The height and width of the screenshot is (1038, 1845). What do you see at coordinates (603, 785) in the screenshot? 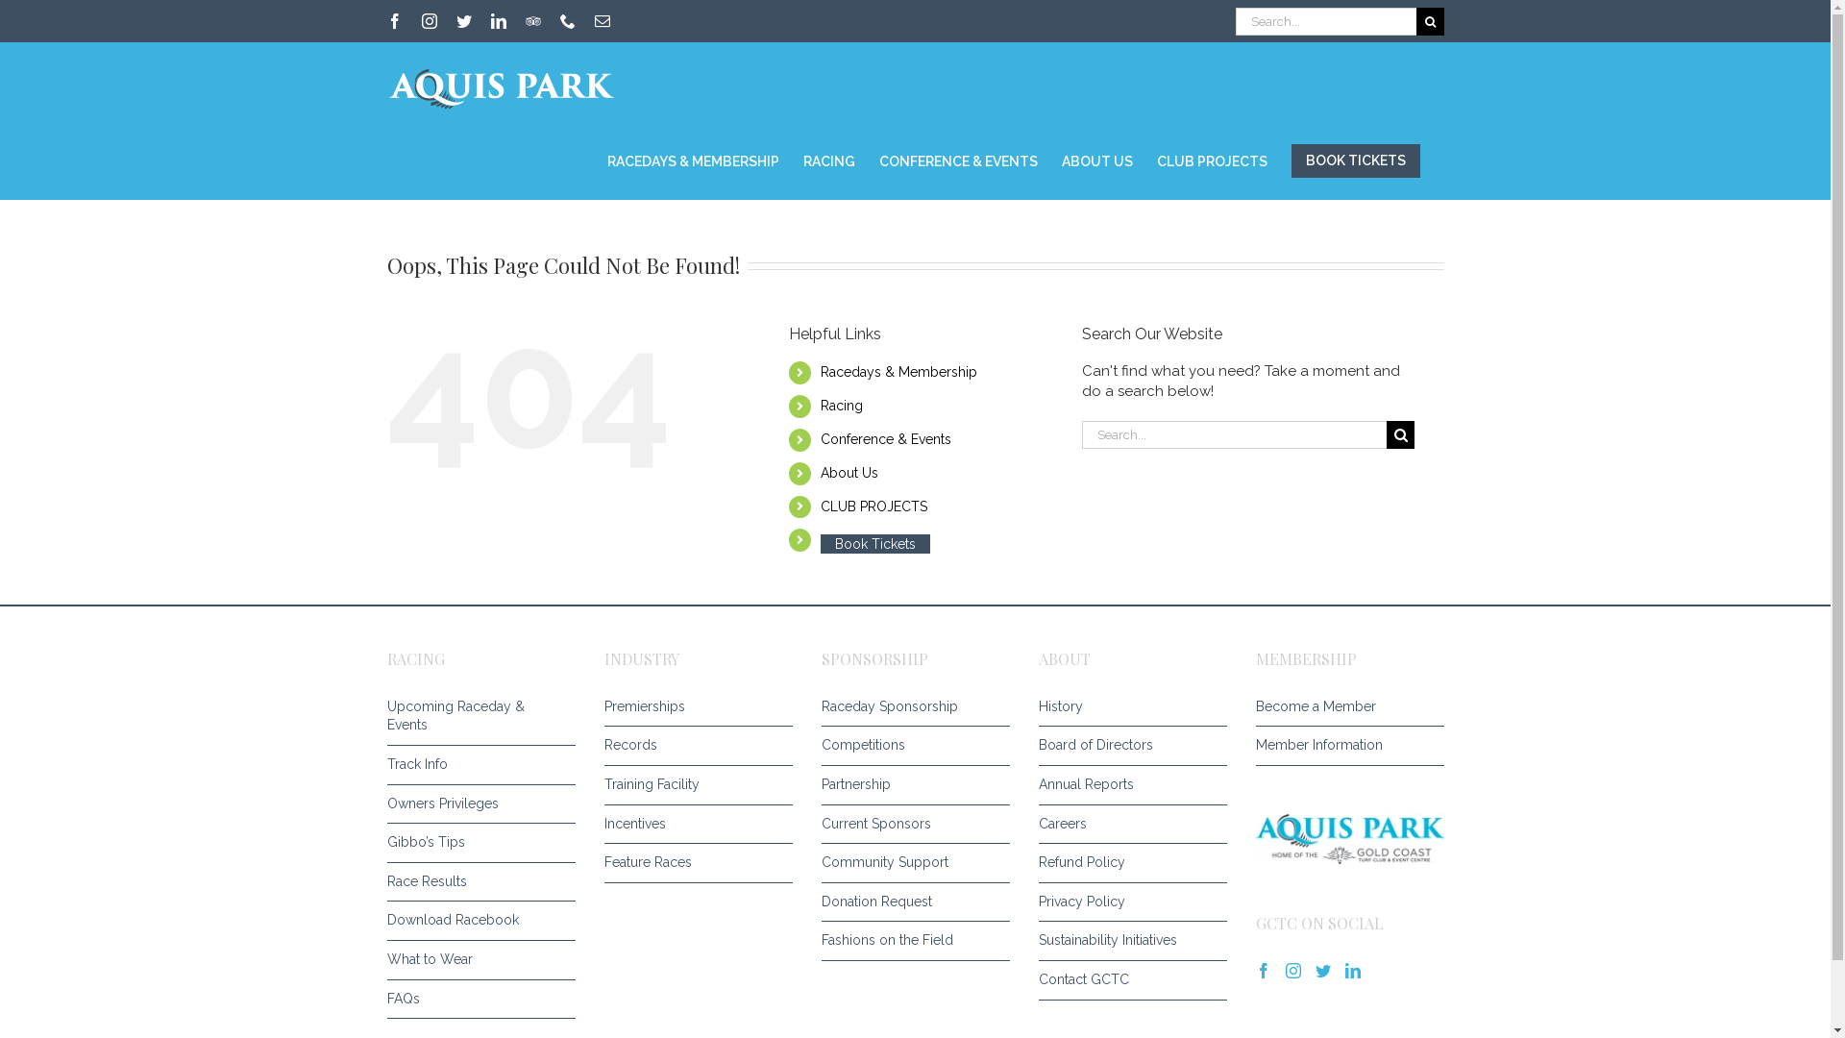
I see `'Training Facility'` at bounding box center [603, 785].